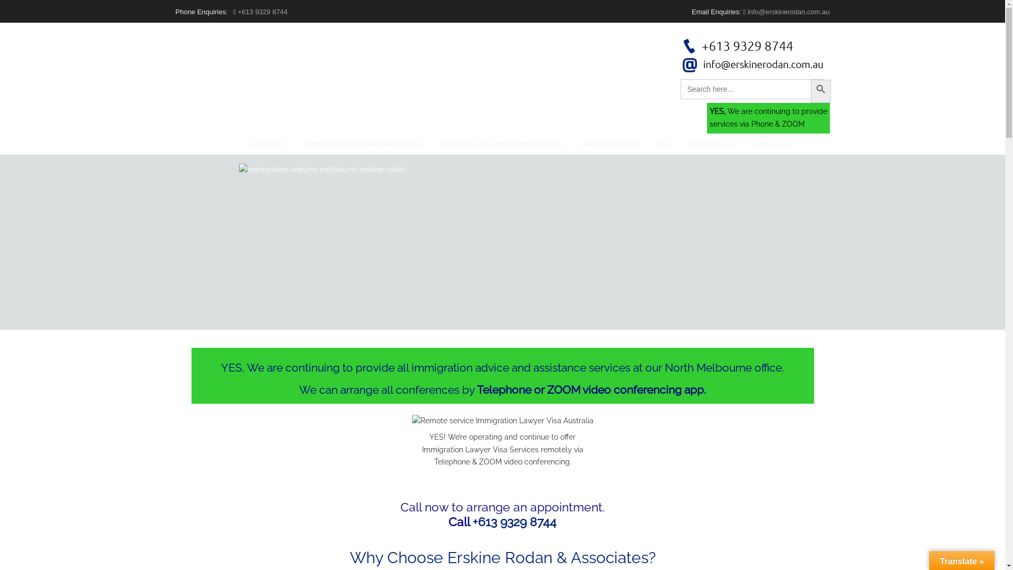  I want to click on 'FAQ', so click(646, 144).